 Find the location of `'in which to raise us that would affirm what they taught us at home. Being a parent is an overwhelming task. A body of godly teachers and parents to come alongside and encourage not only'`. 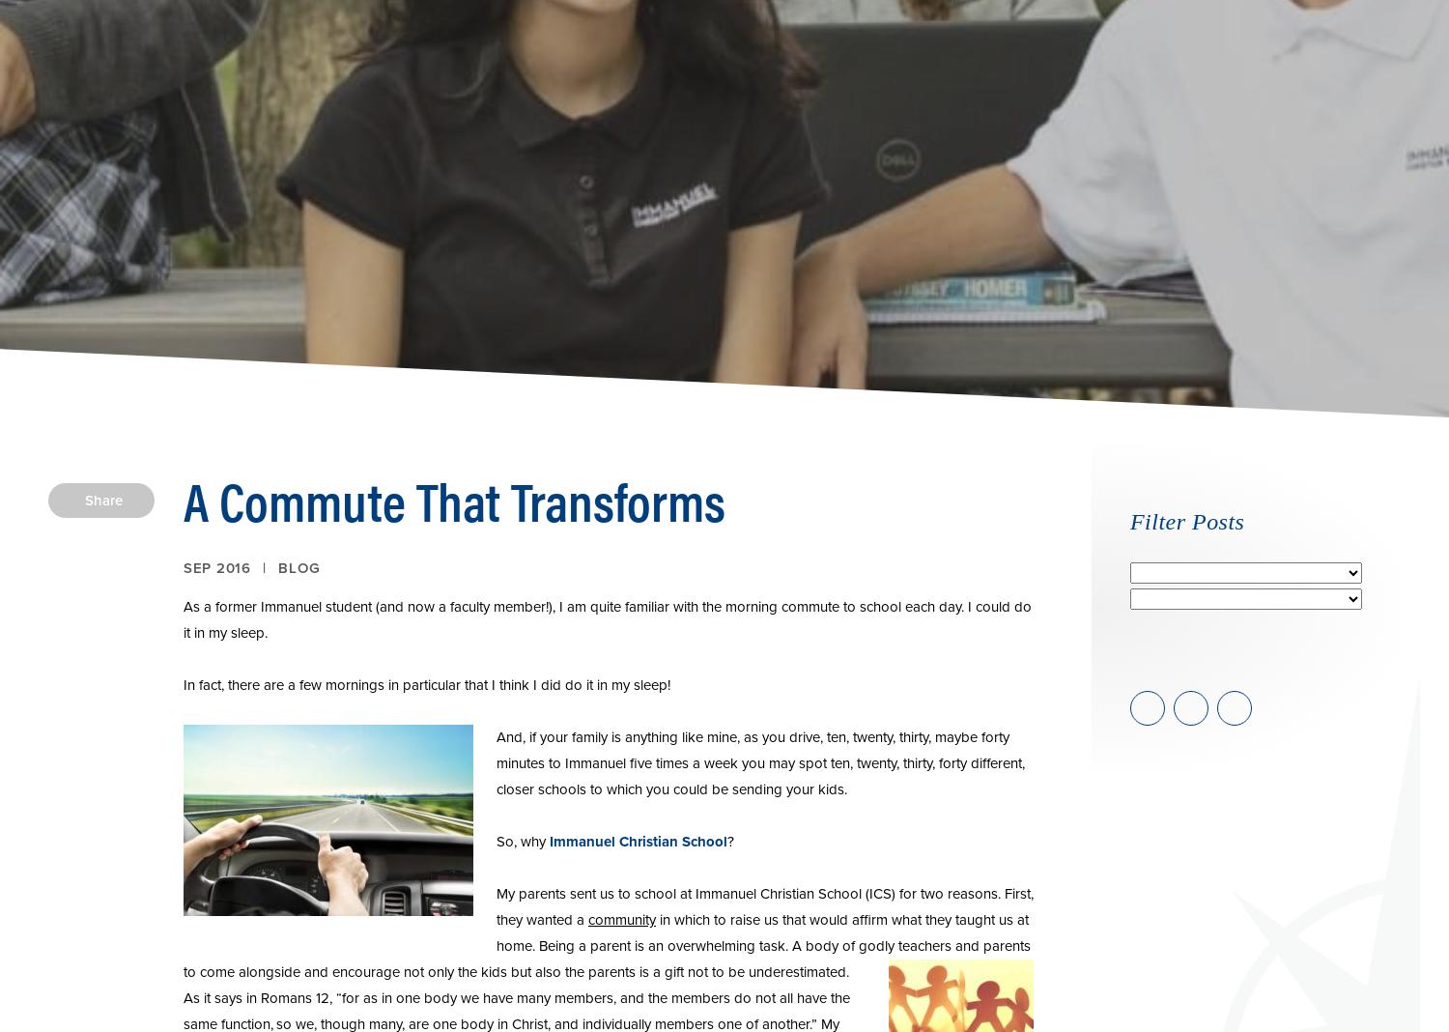

'in which to raise us that would affirm what they taught us at home. Being a parent is an overwhelming task. A body of godly teachers and parents to come alongside and encourage not only' is located at coordinates (606, 946).